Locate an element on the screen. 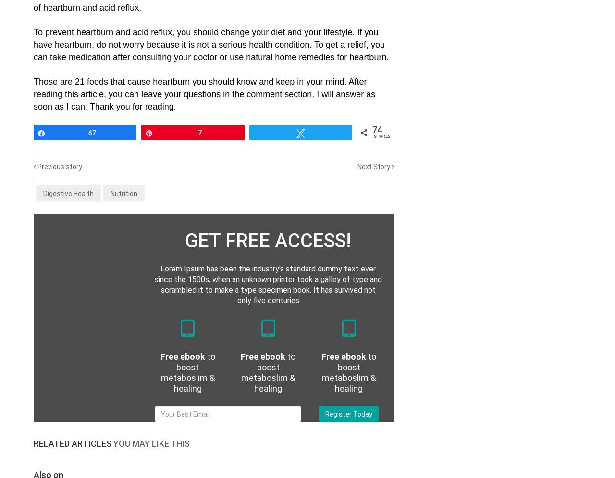 Image resolution: width=615 pixels, height=478 pixels. 'Register Today' is located at coordinates (348, 414).